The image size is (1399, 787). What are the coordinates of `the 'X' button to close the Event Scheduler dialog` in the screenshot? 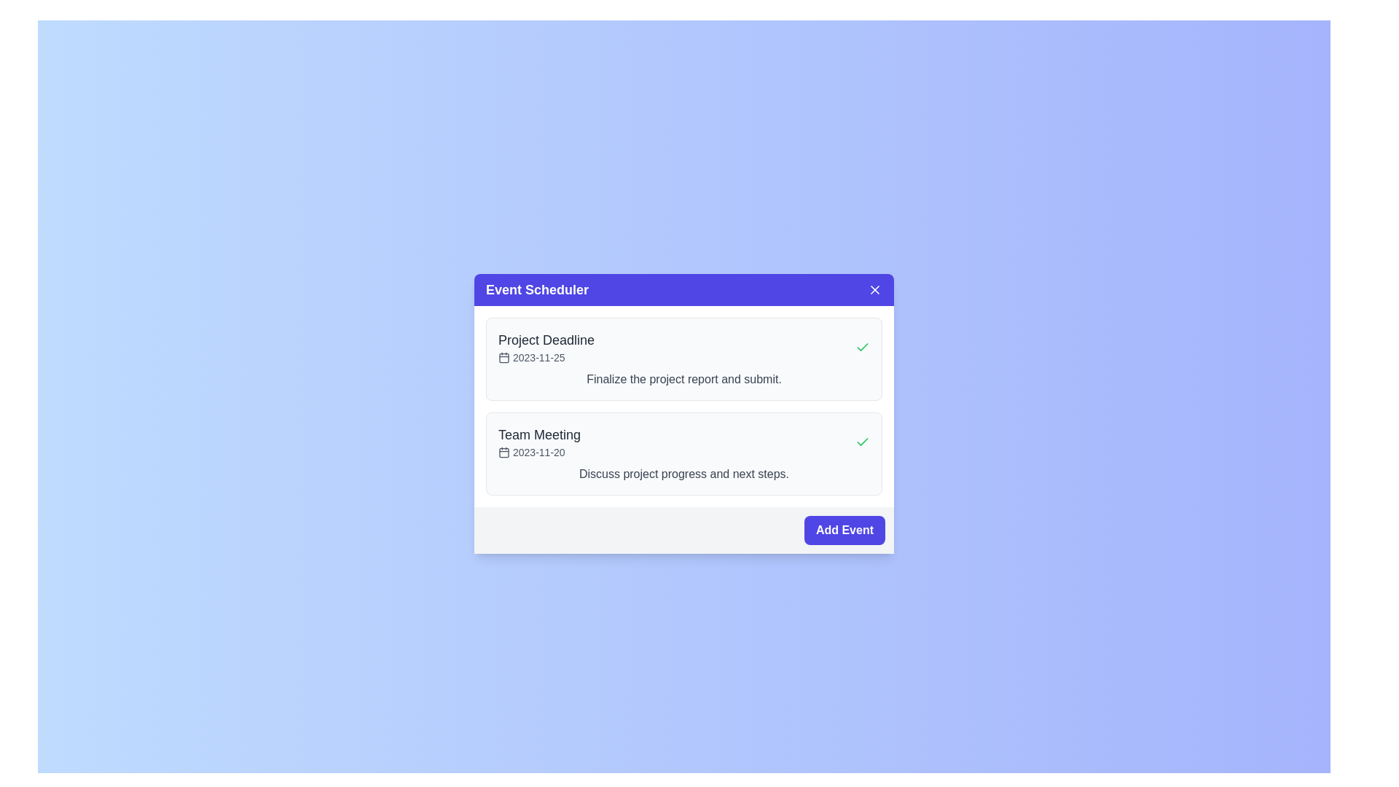 It's located at (874, 289).